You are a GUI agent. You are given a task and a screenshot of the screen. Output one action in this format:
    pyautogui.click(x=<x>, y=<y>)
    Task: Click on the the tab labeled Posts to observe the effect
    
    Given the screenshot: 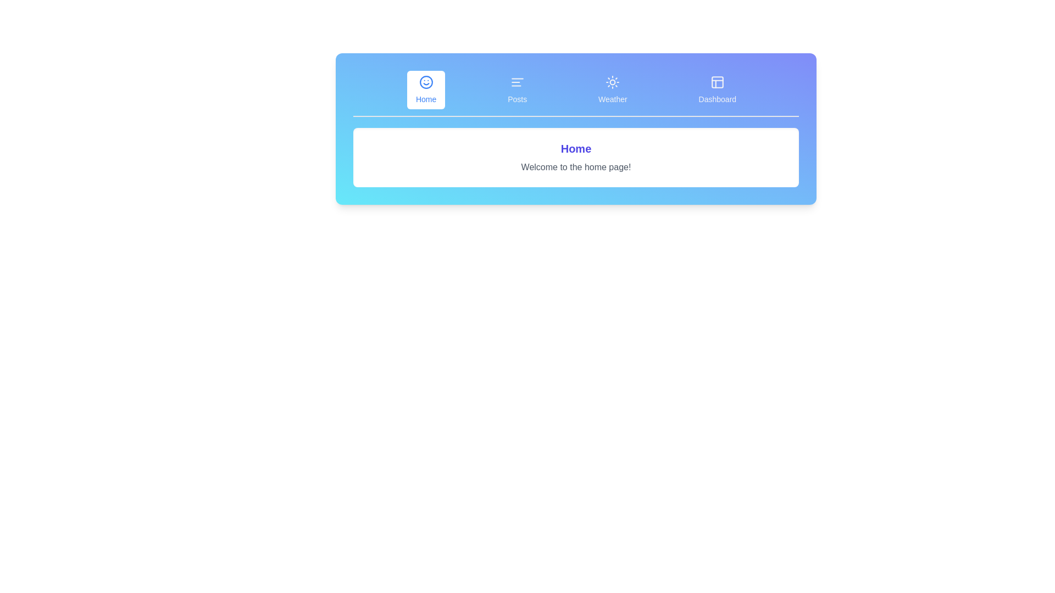 What is the action you would take?
    pyautogui.click(x=517, y=89)
    